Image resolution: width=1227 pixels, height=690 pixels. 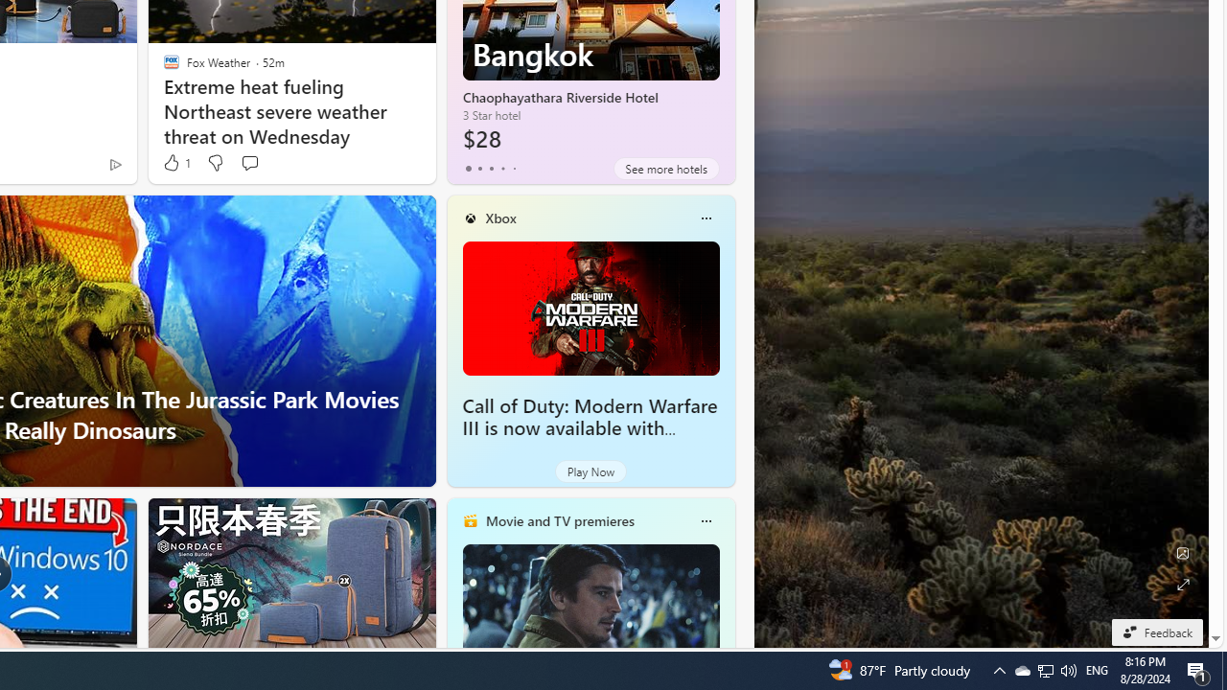 I want to click on 'Edit Background', so click(x=1181, y=553).